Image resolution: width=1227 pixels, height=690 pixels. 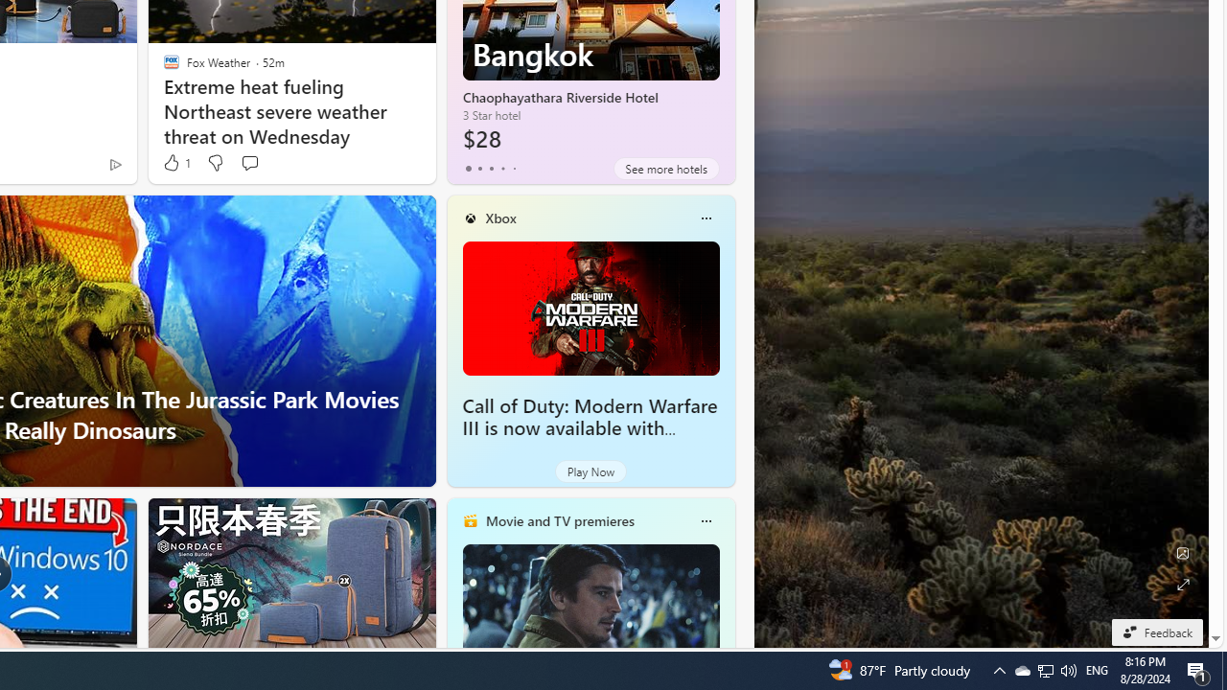 I want to click on 'Edit Background', so click(x=1181, y=553).